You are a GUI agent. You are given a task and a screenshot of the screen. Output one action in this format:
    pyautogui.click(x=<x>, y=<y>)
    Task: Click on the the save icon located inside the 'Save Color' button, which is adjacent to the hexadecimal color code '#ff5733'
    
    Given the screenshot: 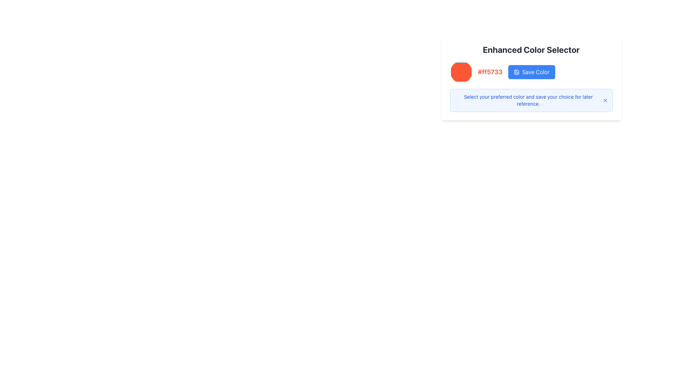 What is the action you would take?
    pyautogui.click(x=516, y=72)
    